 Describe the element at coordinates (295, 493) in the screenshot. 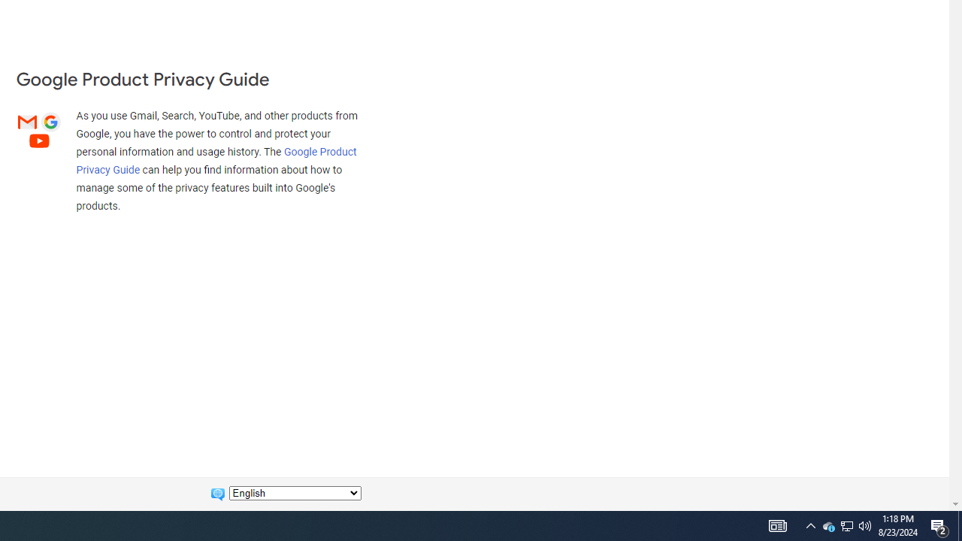

I see `'Change language:'` at that location.